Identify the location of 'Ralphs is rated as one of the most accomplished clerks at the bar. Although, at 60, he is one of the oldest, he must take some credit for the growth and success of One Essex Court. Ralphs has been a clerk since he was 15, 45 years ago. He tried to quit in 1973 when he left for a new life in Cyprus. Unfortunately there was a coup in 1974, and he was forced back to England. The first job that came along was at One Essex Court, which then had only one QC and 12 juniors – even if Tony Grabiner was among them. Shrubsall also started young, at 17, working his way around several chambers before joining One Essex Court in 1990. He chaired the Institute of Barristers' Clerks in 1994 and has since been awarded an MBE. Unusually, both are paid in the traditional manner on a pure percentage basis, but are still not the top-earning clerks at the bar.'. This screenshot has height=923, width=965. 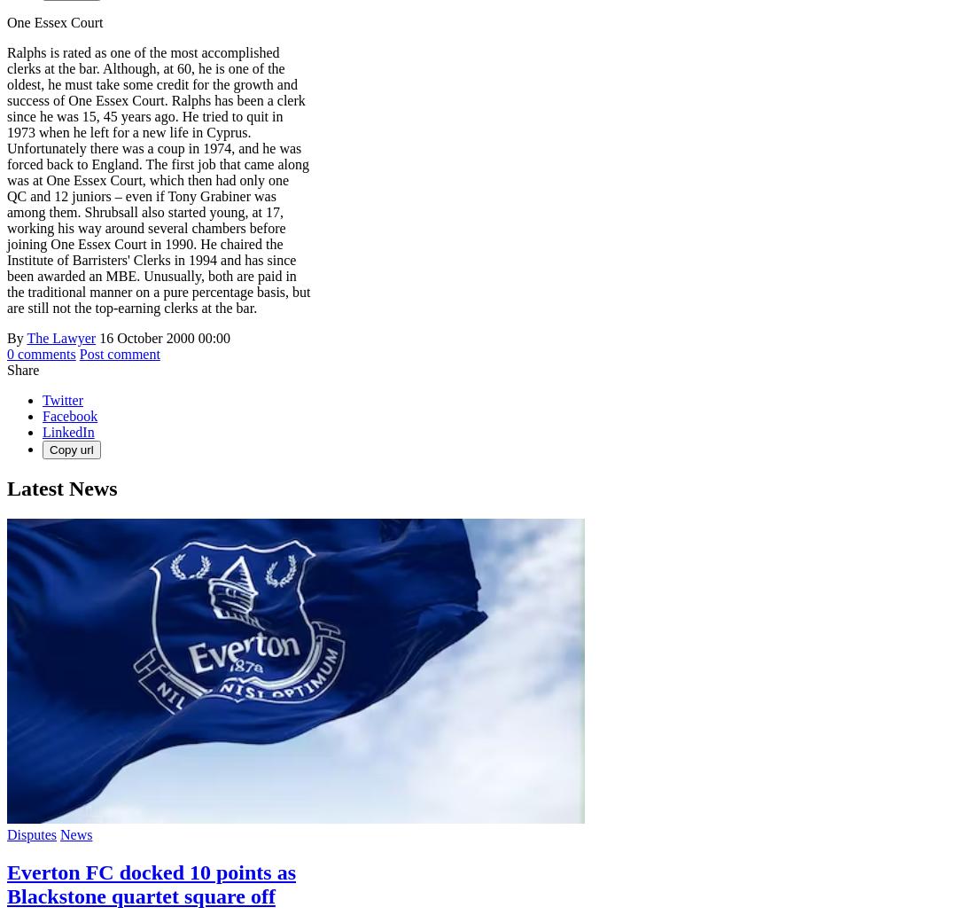
(159, 180).